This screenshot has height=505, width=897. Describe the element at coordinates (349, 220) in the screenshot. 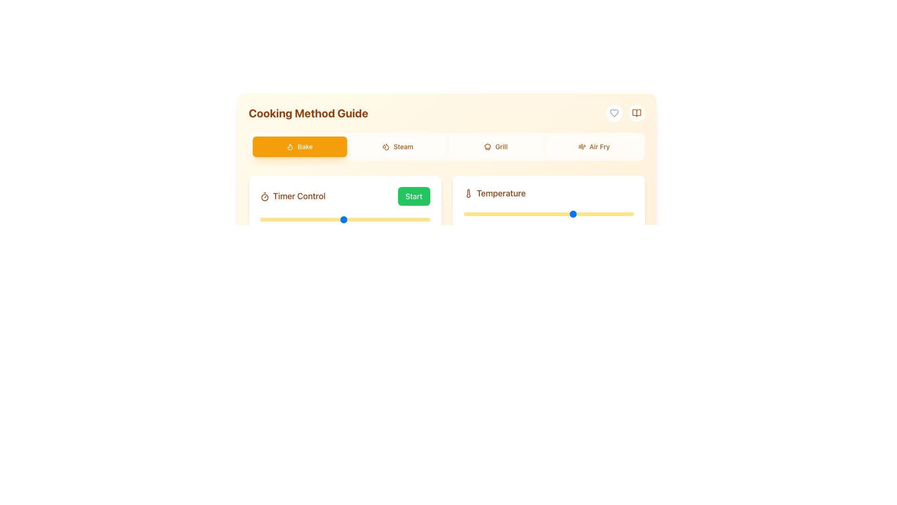

I see `timer` at that location.